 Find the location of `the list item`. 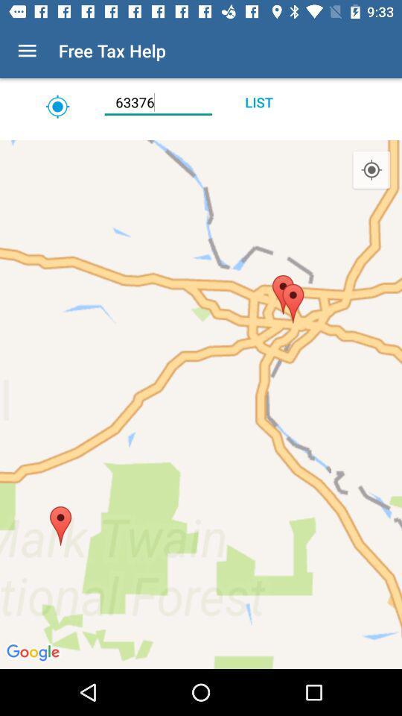

the list item is located at coordinates (258, 101).